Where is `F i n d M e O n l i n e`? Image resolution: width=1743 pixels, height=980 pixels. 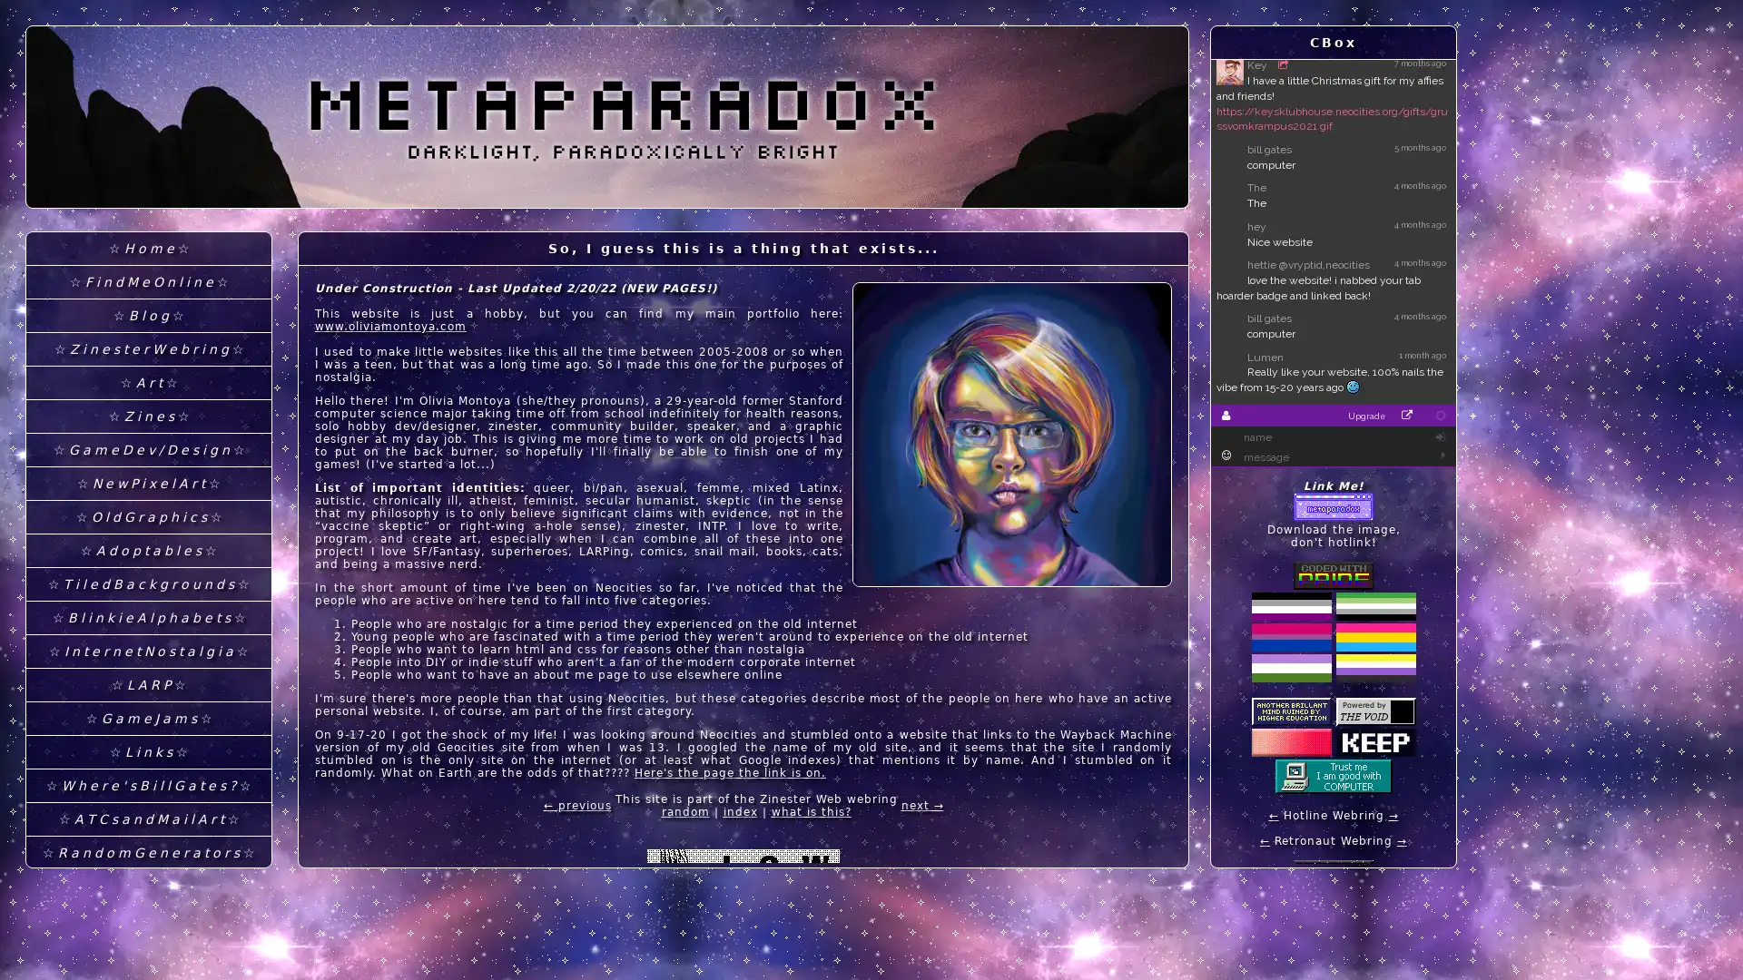
F i n d M e O n l i n e is located at coordinates (148, 282).